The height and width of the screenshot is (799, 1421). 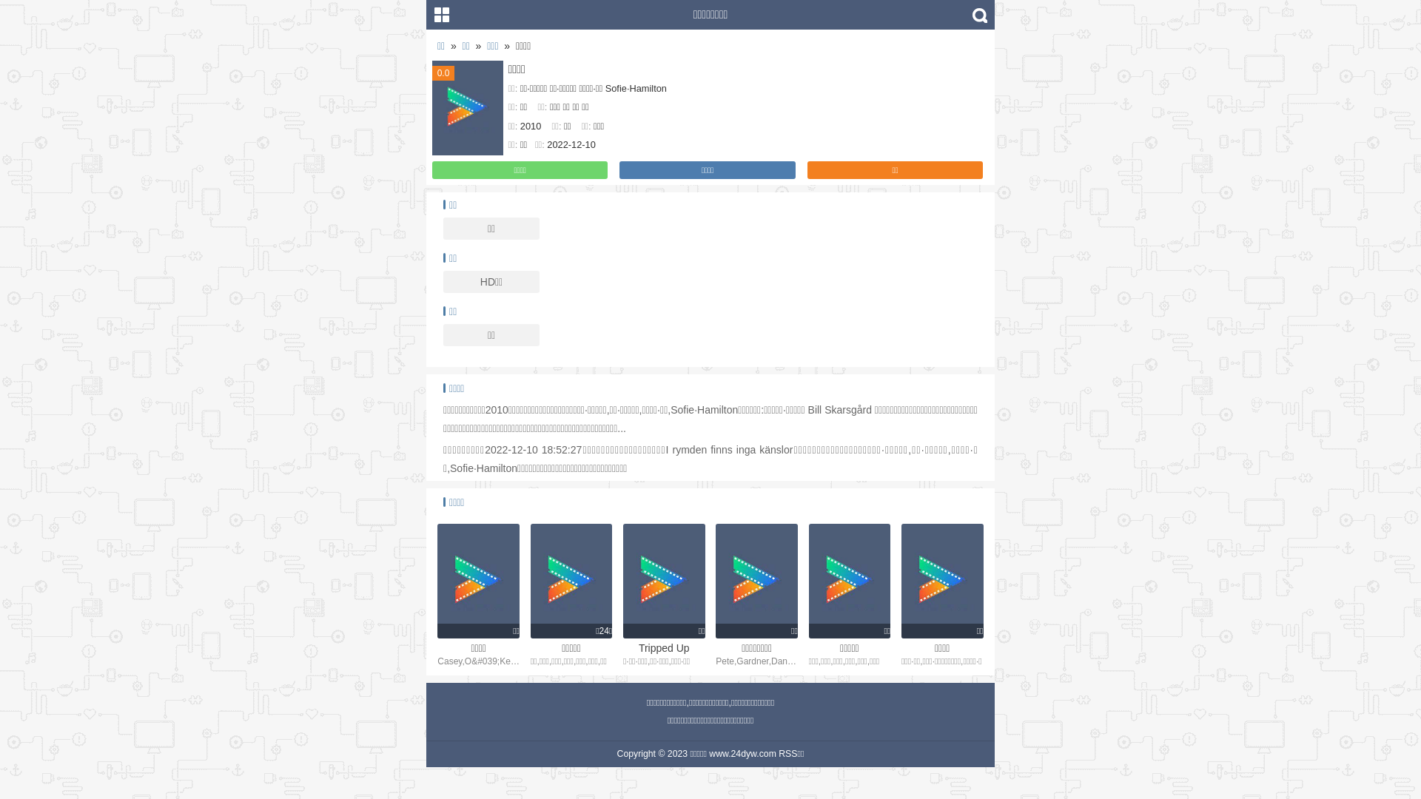 What do you see at coordinates (530, 125) in the screenshot?
I see `'2010'` at bounding box center [530, 125].